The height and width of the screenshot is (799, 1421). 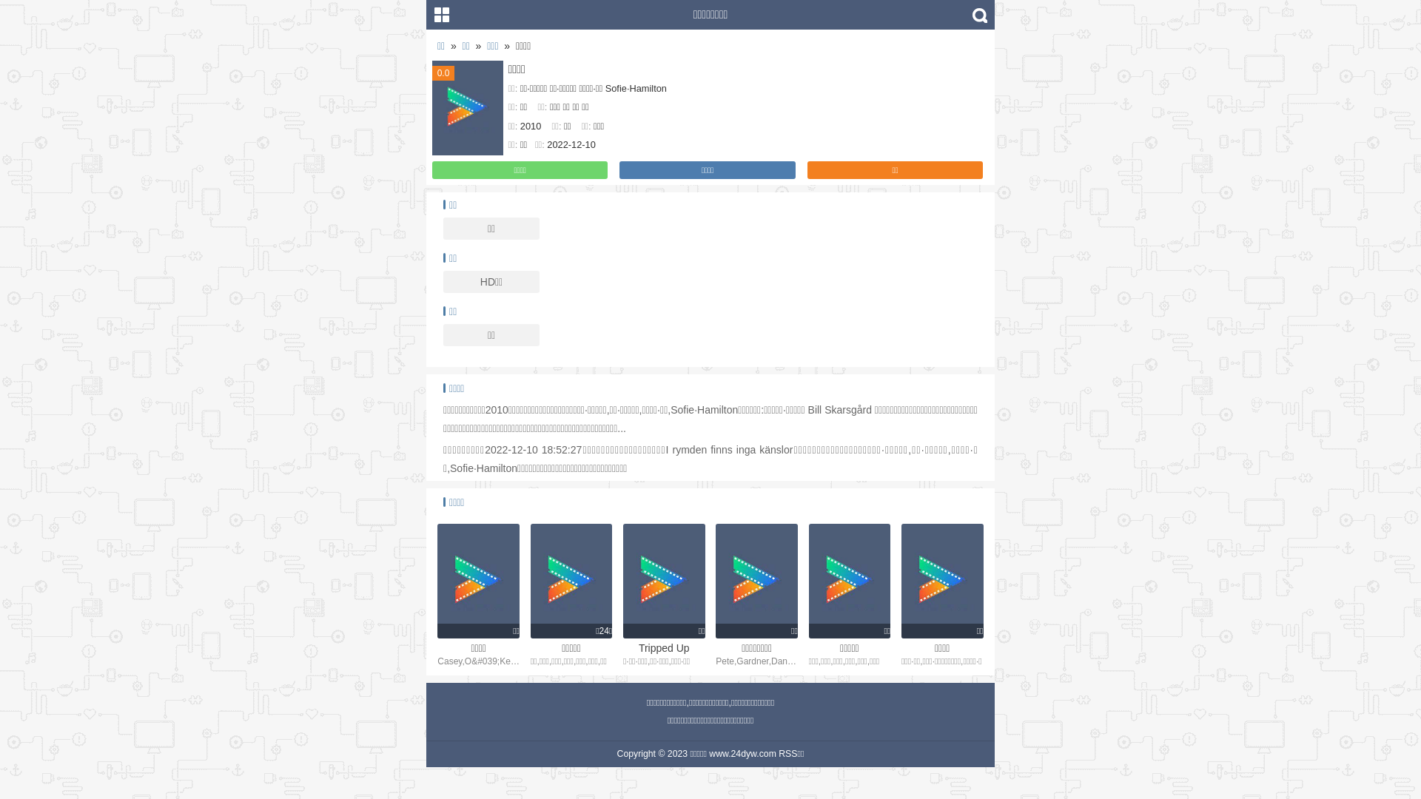 What do you see at coordinates (530, 125) in the screenshot?
I see `'2010'` at bounding box center [530, 125].